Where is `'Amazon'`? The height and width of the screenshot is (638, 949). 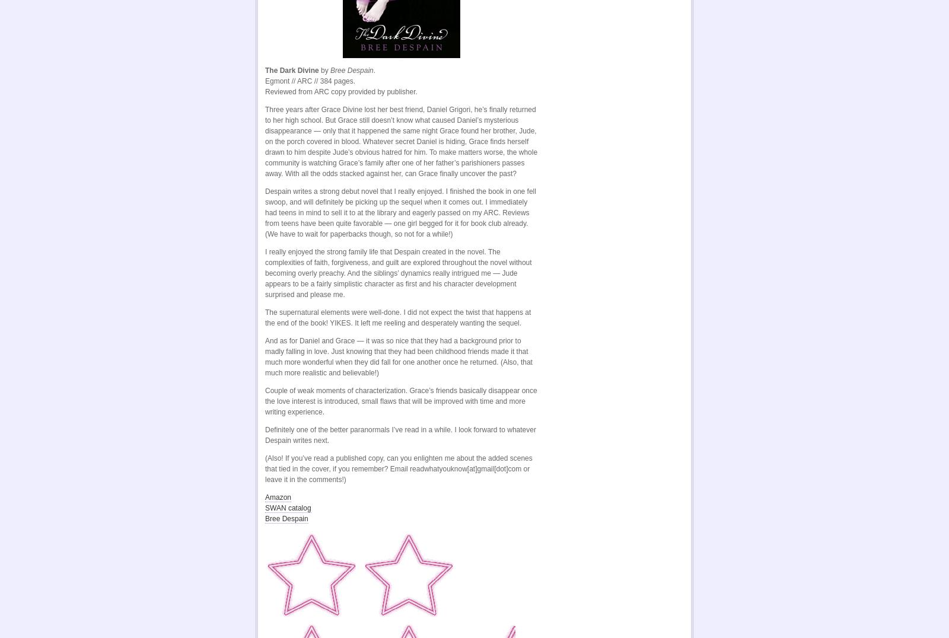 'Amazon' is located at coordinates (277, 496).